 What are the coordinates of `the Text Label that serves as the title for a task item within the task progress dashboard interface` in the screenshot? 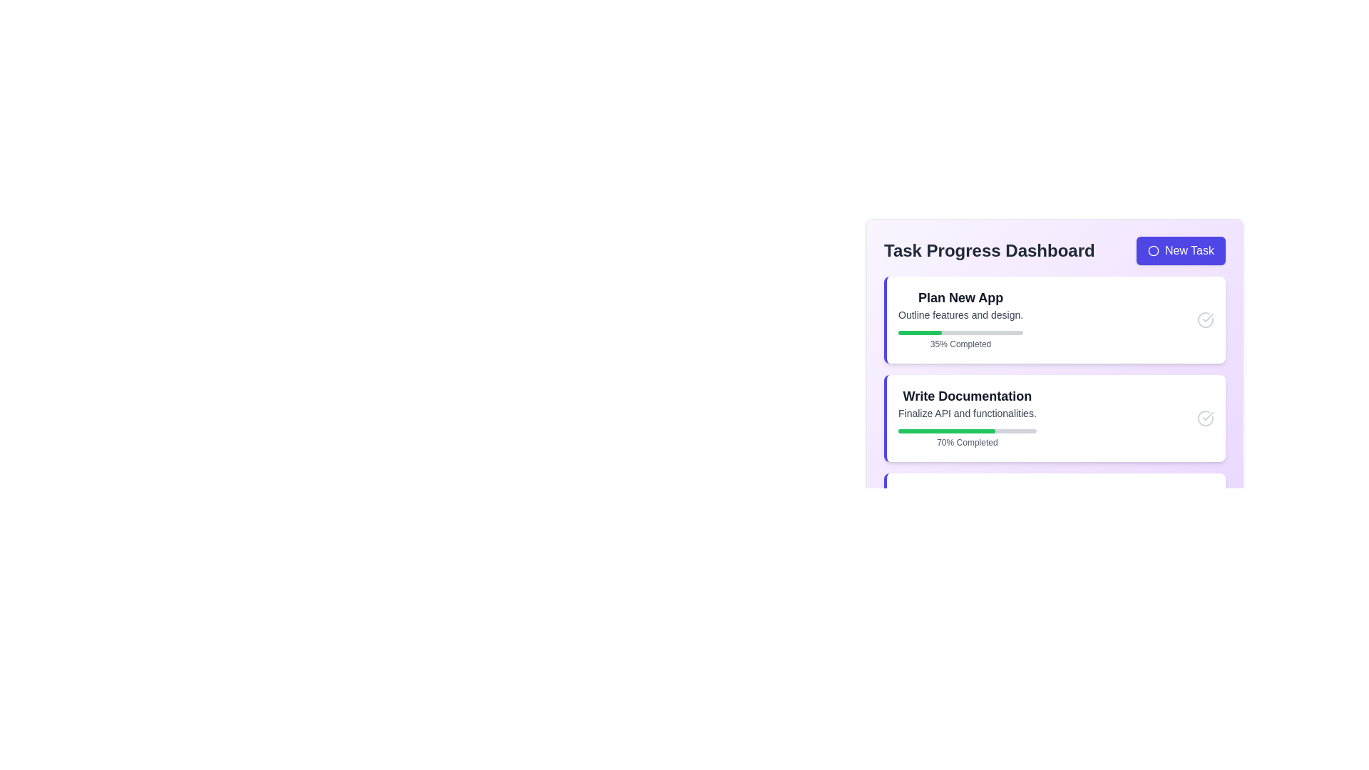 It's located at (960, 297).